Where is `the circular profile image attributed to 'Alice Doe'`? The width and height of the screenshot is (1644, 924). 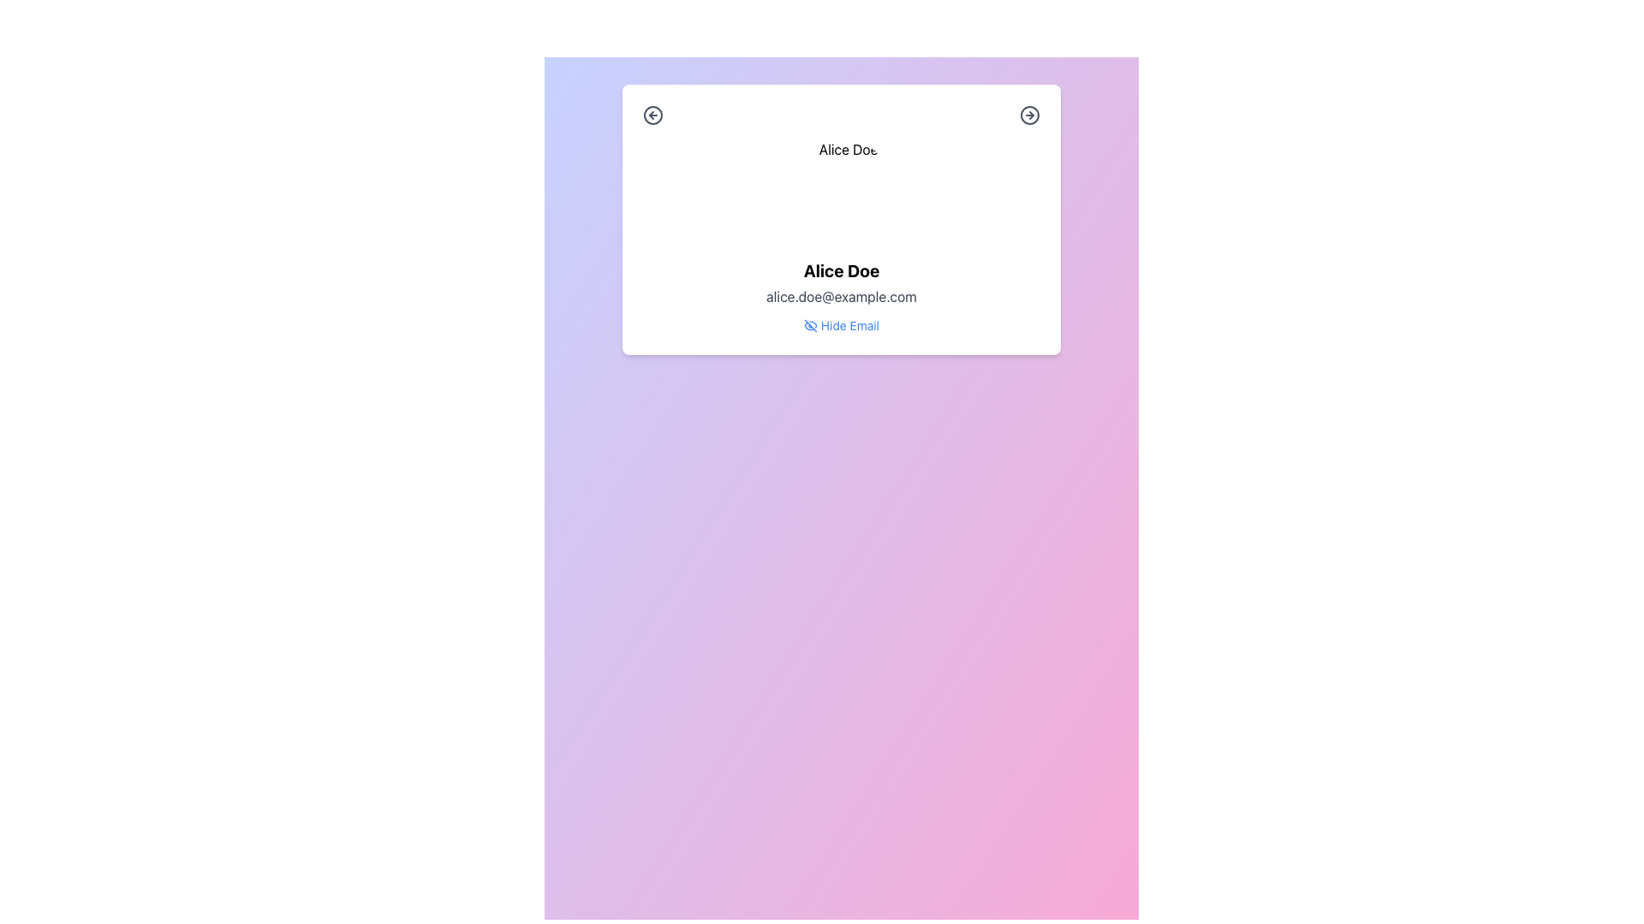 the circular profile image attributed to 'Alice Doe' is located at coordinates (842, 193).